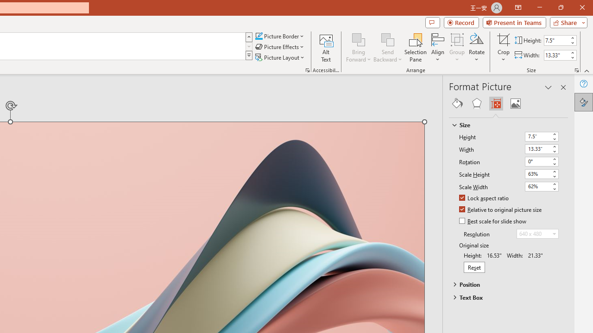  What do you see at coordinates (307, 69) in the screenshot?
I see `'Picture...'` at bounding box center [307, 69].